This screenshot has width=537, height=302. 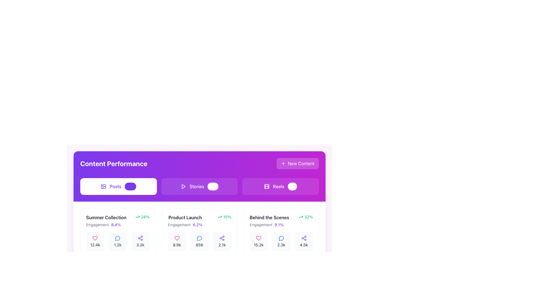 What do you see at coordinates (258, 238) in the screenshot?
I see `the heart-shaped pink icon located in the 'Behind the Scenes' section of the 'Content Performance' dashboard, which is the first icon in the row below the title` at bounding box center [258, 238].